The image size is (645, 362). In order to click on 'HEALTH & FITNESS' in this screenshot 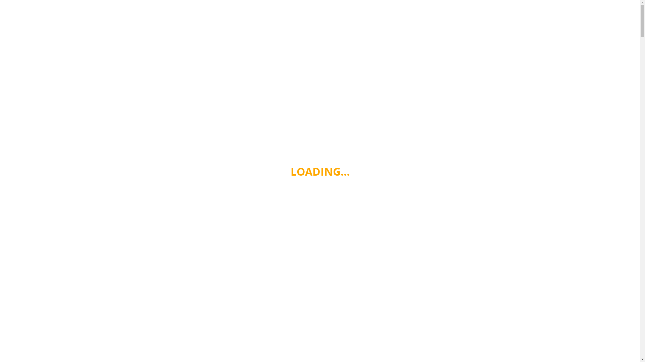, I will do `click(356, 9)`.